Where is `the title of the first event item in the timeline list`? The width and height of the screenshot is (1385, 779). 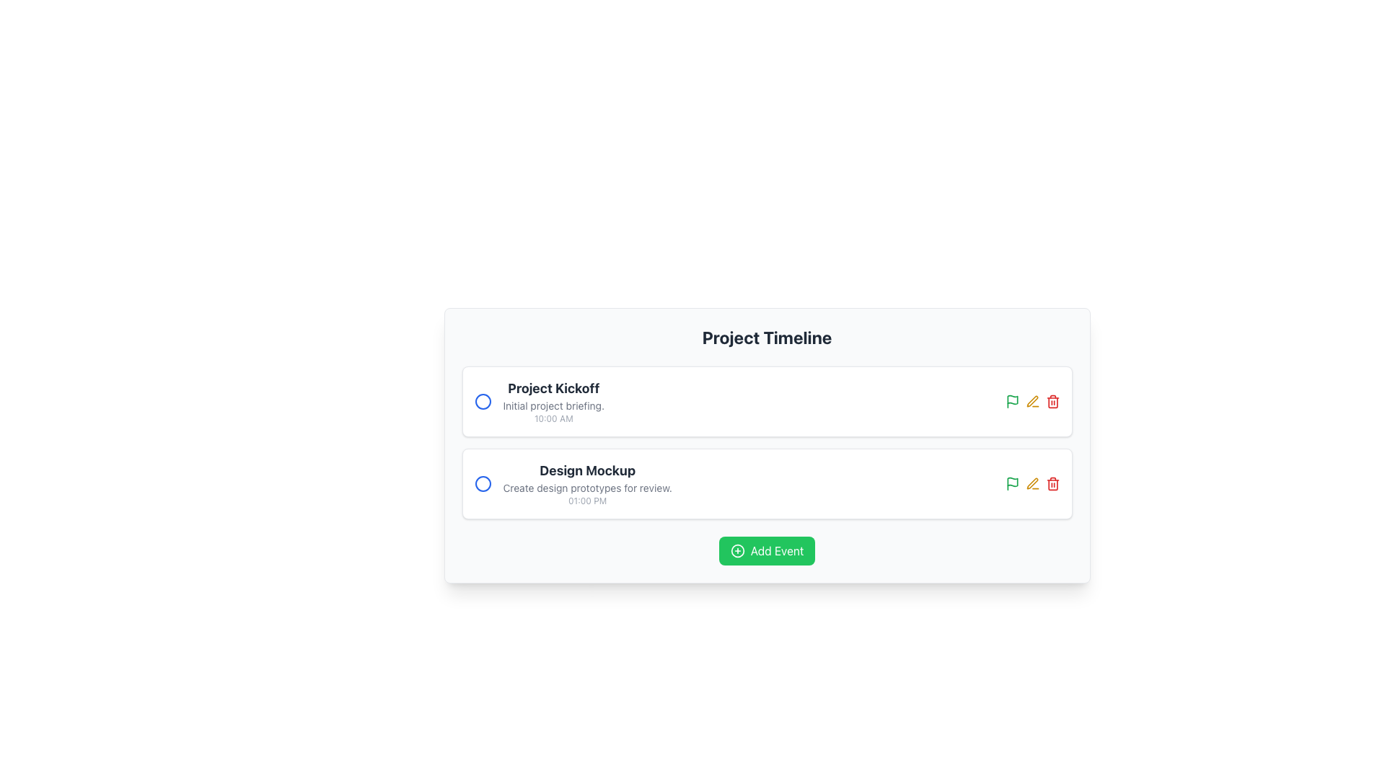
the title of the first event item in the timeline list is located at coordinates (538, 401).